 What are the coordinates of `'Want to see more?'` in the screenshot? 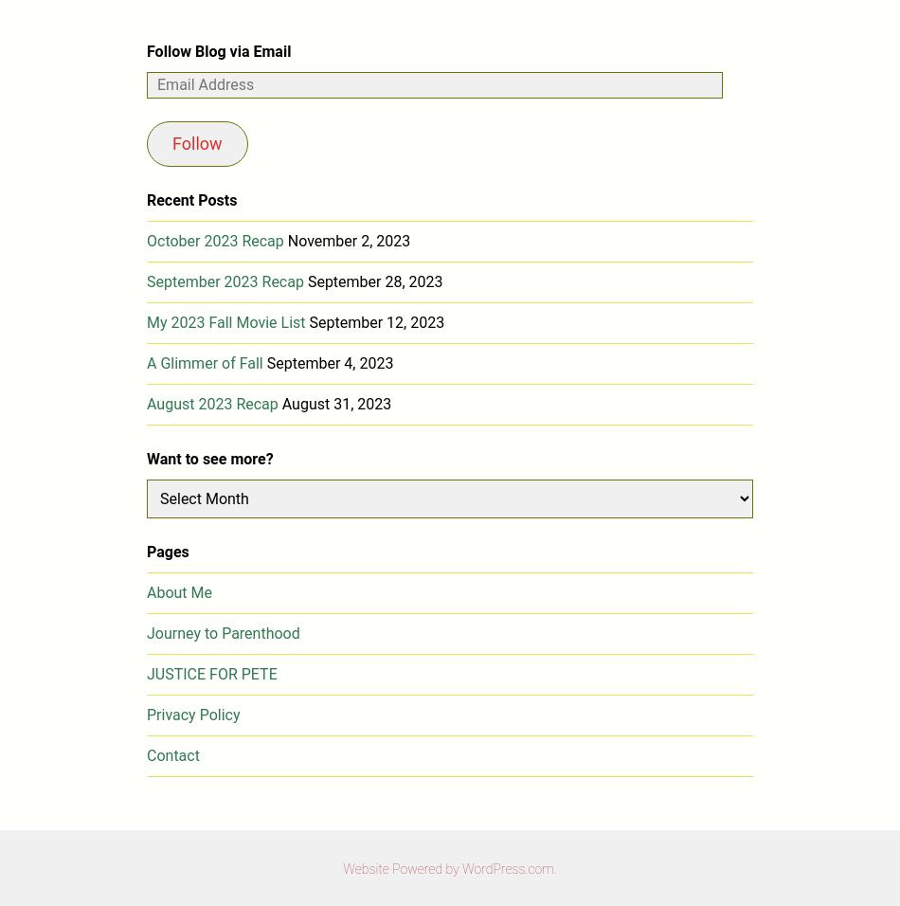 It's located at (147, 457).